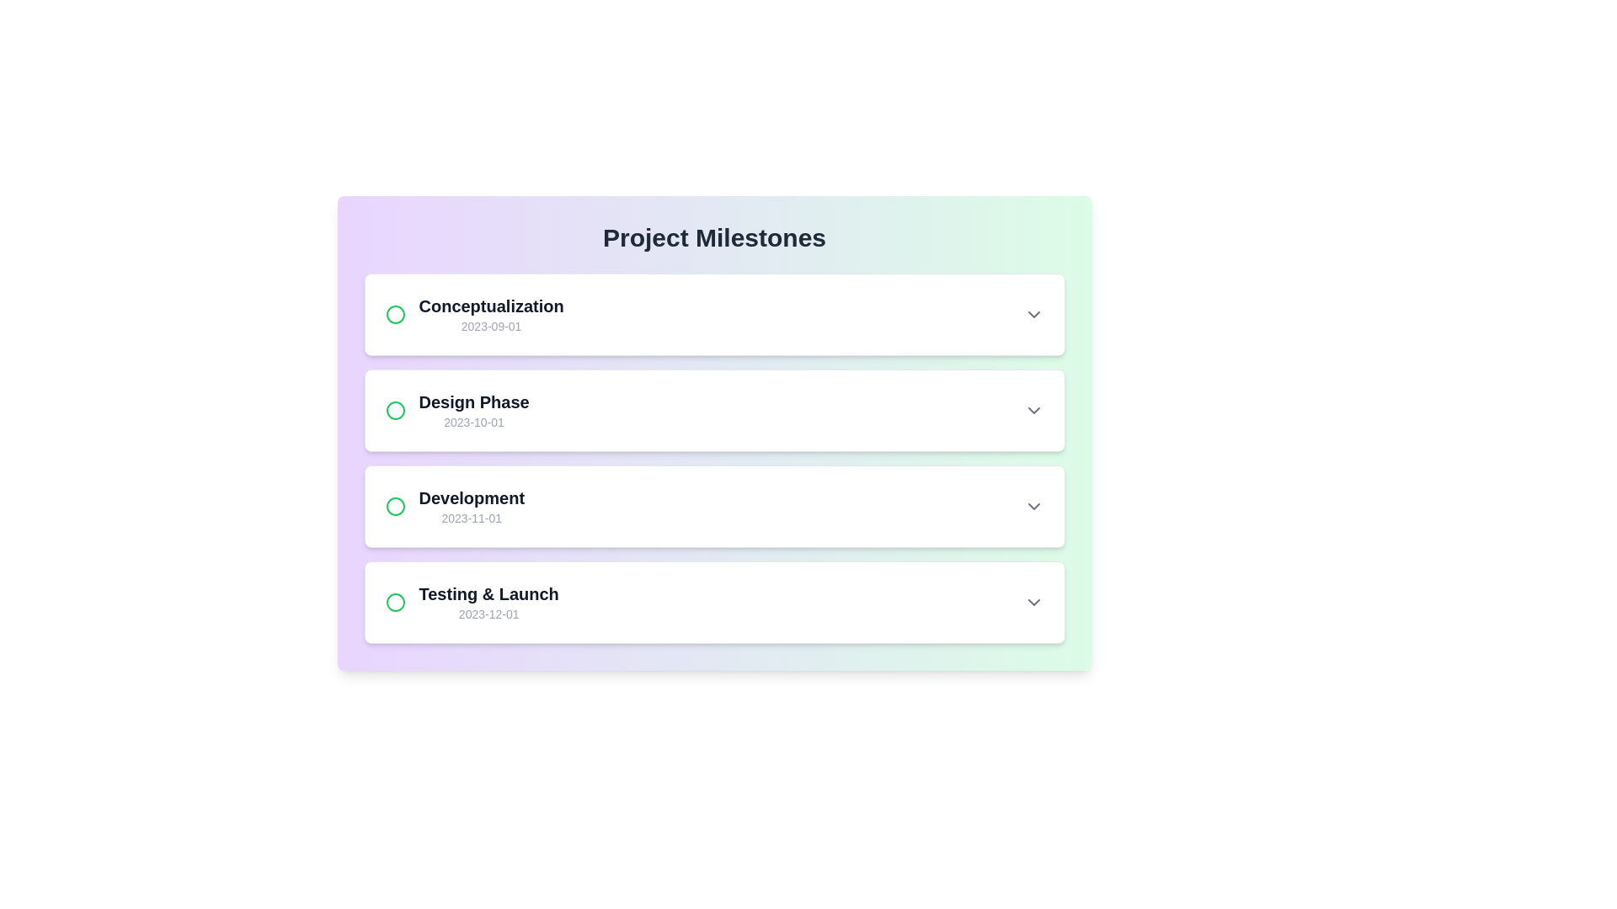 Image resolution: width=1617 pixels, height=909 pixels. I want to click on the circular visual indicator with a prominent green border located in the 'Design Phase' milestone section of the project milestones interface, so click(394, 411).